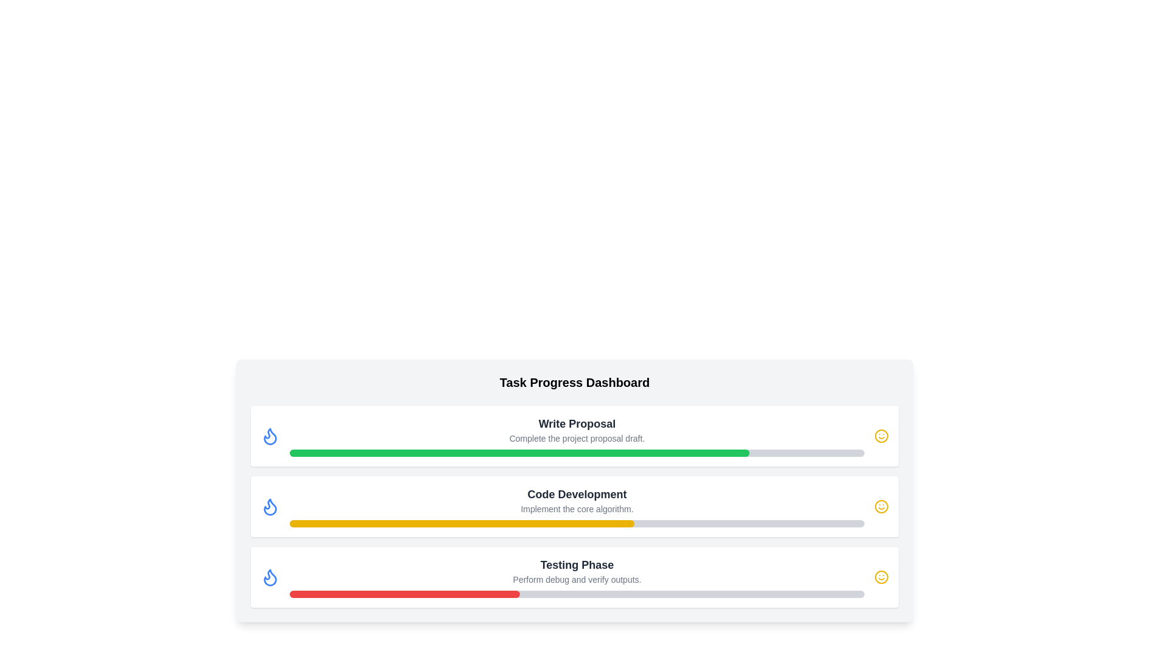 This screenshot has height=657, width=1169. What do you see at coordinates (270, 436) in the screenshot?
I see `the urgency icon located in the top-left corner of the 'Write Proposal' card` at bounding box center [270, 436].